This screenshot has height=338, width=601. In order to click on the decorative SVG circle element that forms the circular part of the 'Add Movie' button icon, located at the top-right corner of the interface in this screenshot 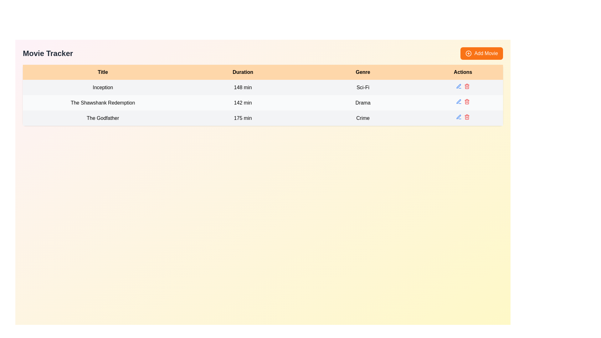, I will do `click(469, 53)`.